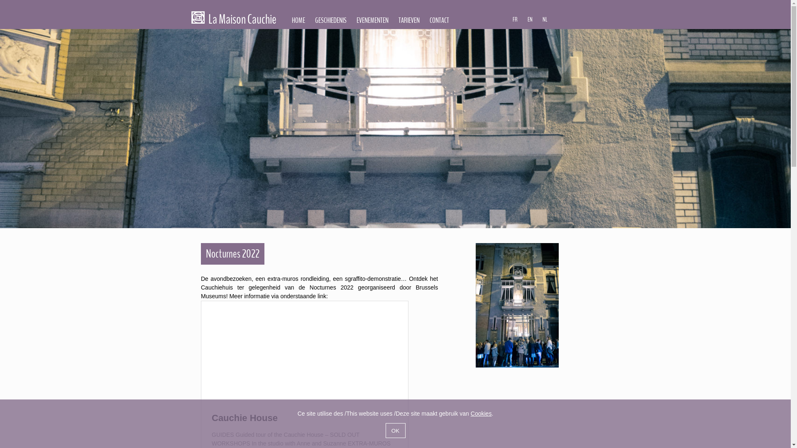  What do you see at coordinates (234, 21) in the screenshot?
I see `'La Maison Cauchie'` at bounding box center [234, 21].